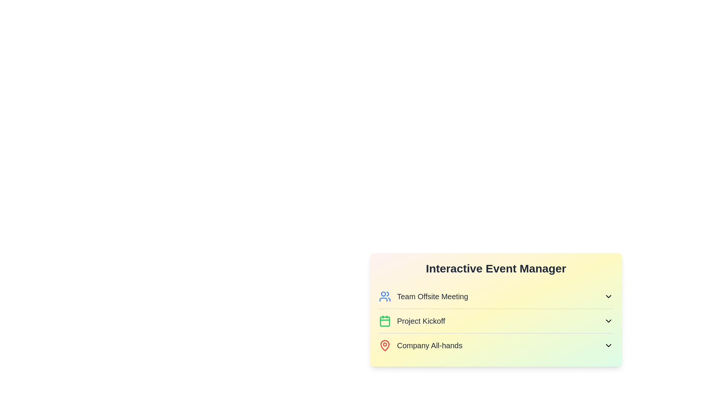 The height and width of the screenshot is (407, 724). What do you see at coordinates (496, 321) in the screenshot?
I see `the event header to toggle its details. The parameter Project Kickoff specifies the event to interact with` at bounding box center [496, 321].